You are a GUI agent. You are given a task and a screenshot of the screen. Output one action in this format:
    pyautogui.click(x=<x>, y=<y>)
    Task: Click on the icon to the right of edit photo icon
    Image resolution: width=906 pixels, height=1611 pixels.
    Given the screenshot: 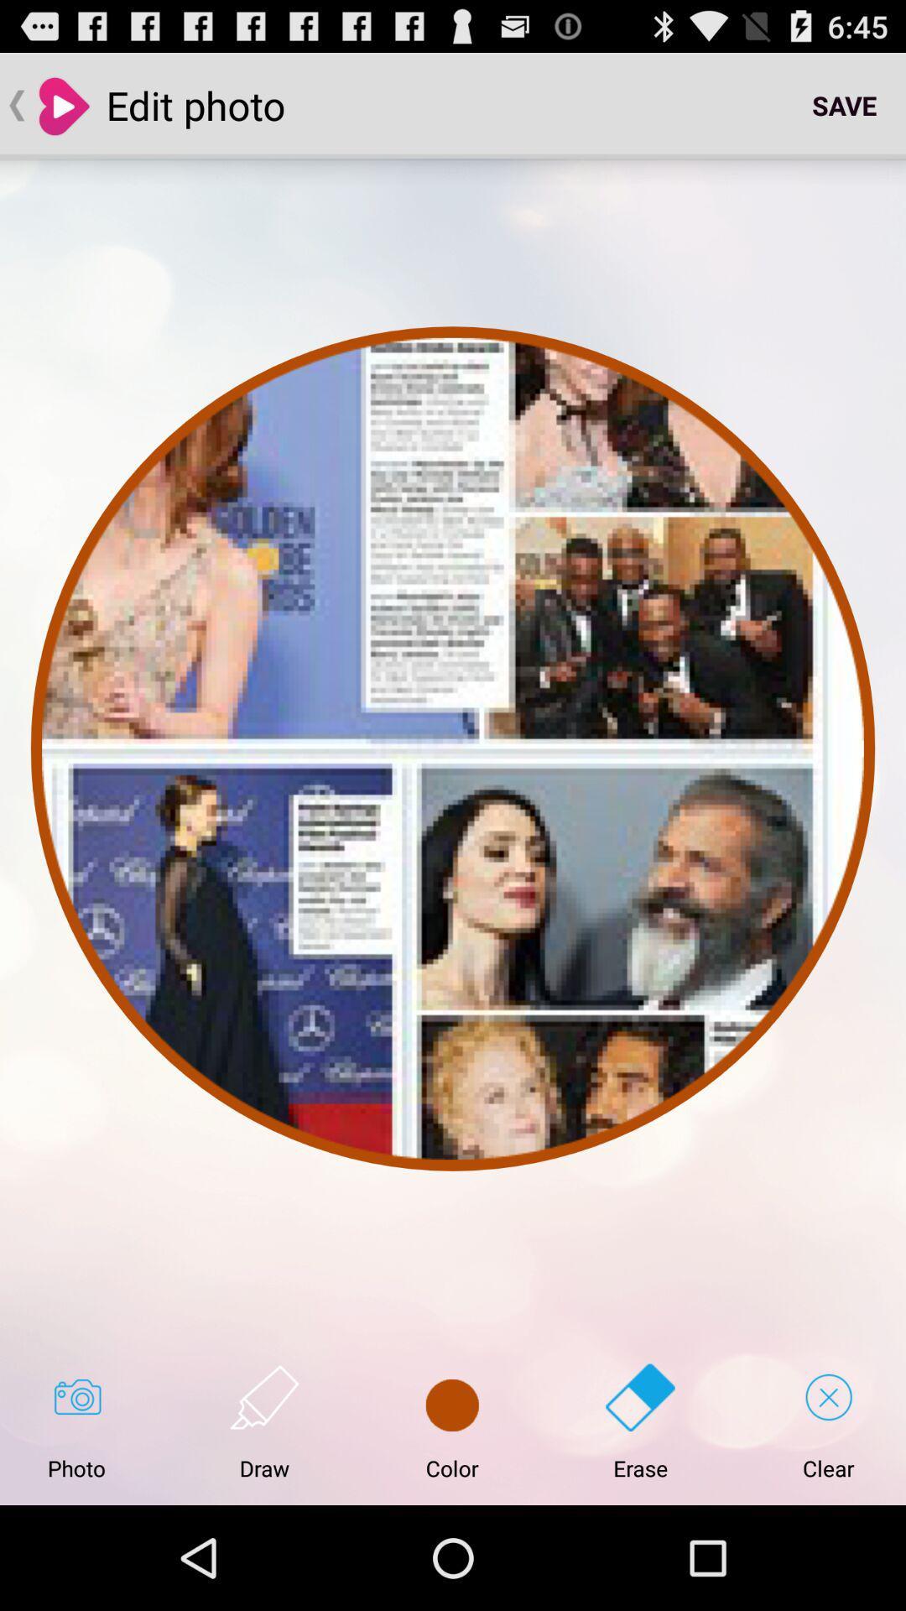 What is the action you would take?
    pyautogui.click(x=844, y=104)
    